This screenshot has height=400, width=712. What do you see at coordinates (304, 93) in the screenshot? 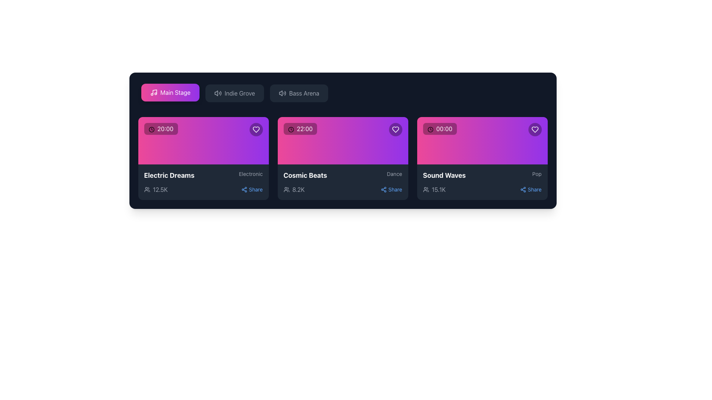
I see `the 'Bass Arena' button, which is a dark-themed rectangular button with rounded corners containing gray text and an icon to its left, located as the third option in a horizontal row of three buttons` at bounding box center [304, 93].